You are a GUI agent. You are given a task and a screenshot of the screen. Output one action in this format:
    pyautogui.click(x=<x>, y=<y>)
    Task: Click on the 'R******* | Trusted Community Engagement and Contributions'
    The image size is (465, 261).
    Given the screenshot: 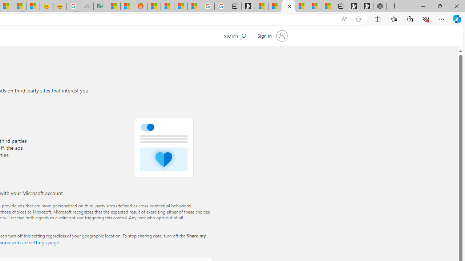 What is the action you would take?
    pyautogui.click(x=153, y=6)
    